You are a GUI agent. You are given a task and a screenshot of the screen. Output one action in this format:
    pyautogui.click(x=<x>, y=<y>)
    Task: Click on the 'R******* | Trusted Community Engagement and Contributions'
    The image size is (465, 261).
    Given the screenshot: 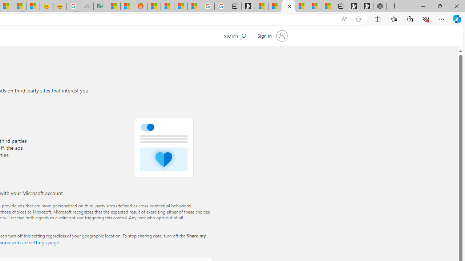 What is the action you would take?
    pyautogui.click(x=153, y=6)
    